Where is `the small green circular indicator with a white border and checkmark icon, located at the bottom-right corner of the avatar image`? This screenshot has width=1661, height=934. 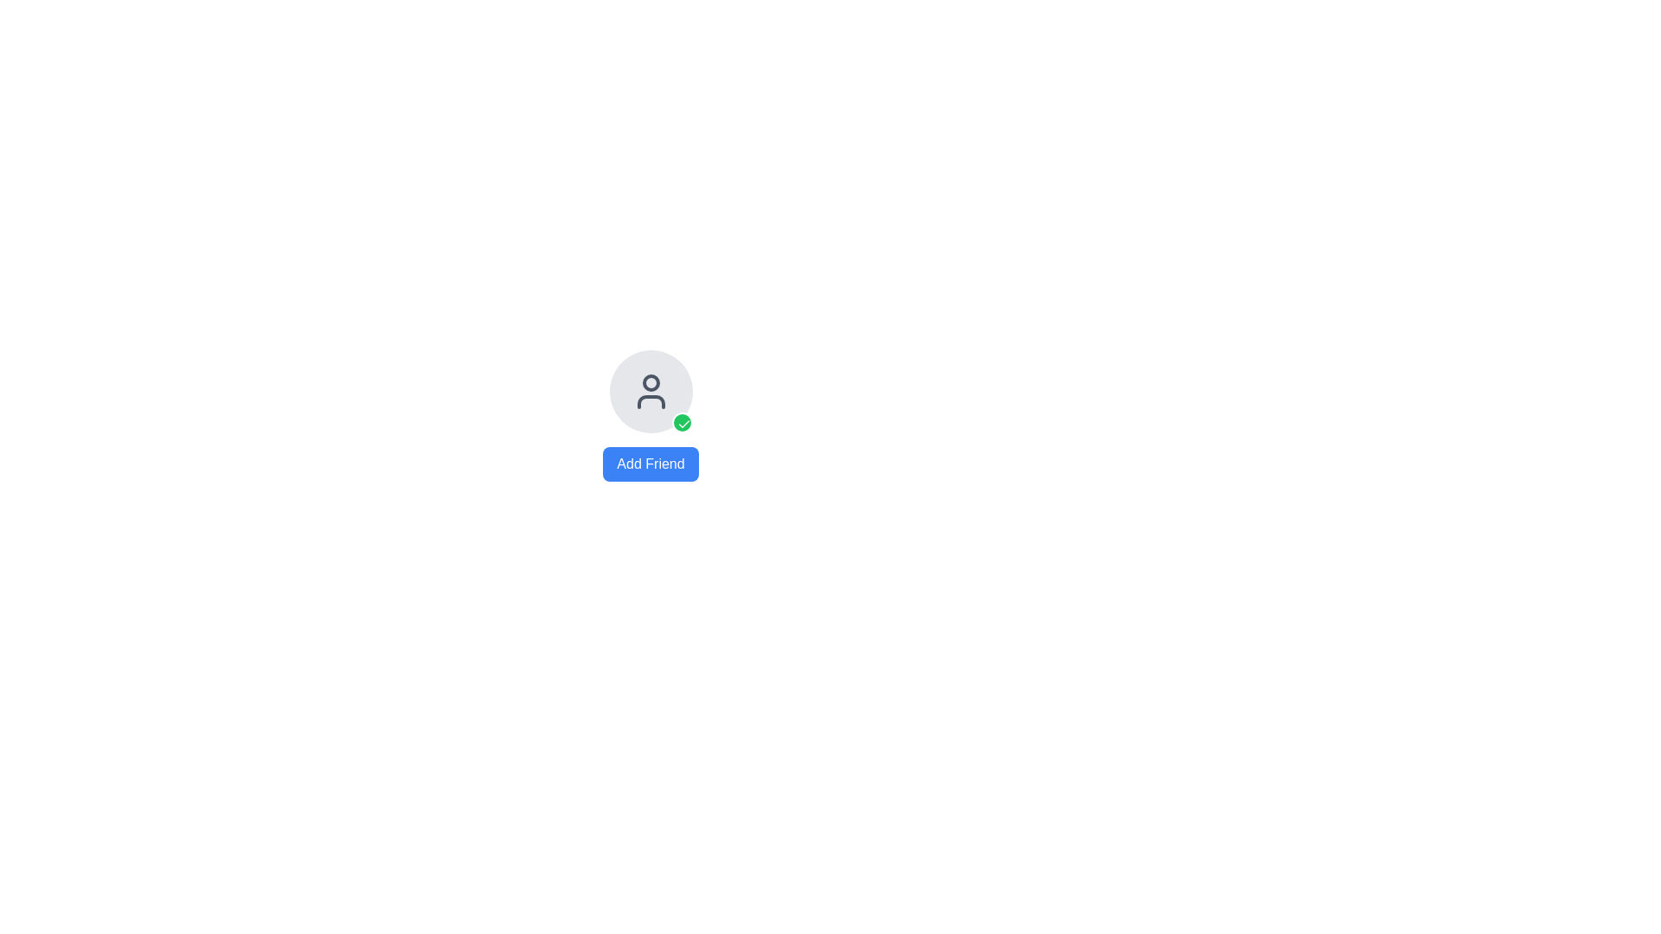
the small green circular indicator with a white border and checkmark icon, located at the bottom-right corner of the avatar image is located at coordinates (681, 423).